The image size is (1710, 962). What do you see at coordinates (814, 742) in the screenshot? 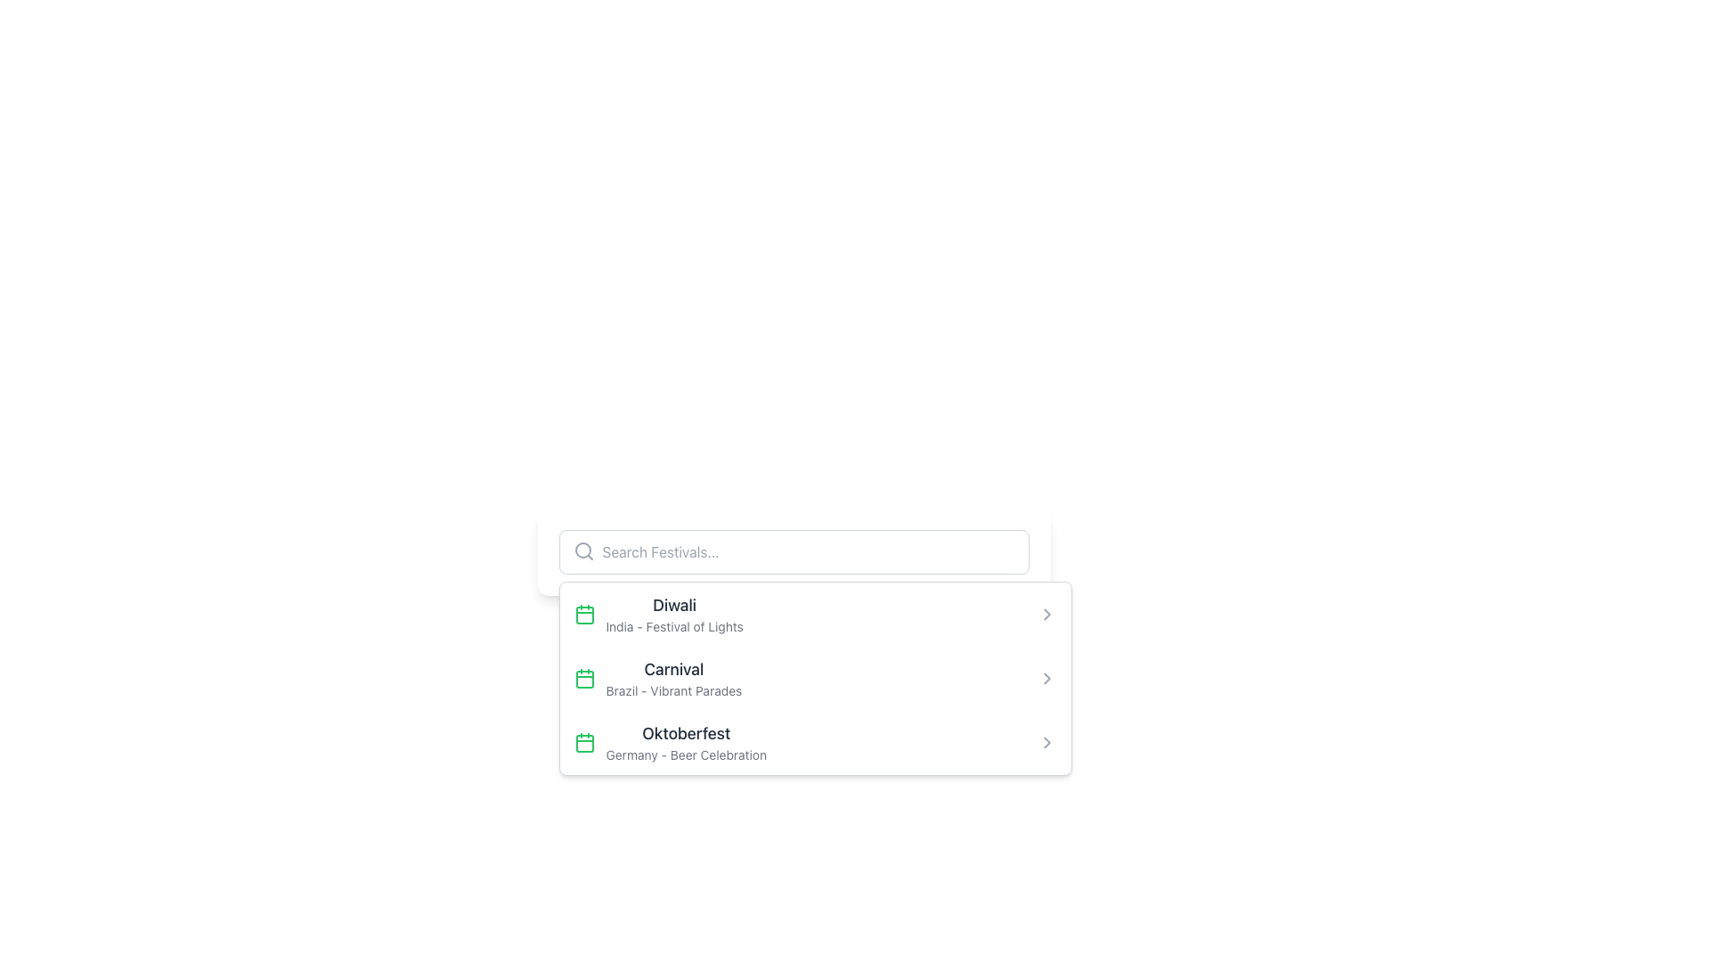
I see `the third item in the dropdown menu representing 'Oktoberfest'` at bounding box center [814, 742].